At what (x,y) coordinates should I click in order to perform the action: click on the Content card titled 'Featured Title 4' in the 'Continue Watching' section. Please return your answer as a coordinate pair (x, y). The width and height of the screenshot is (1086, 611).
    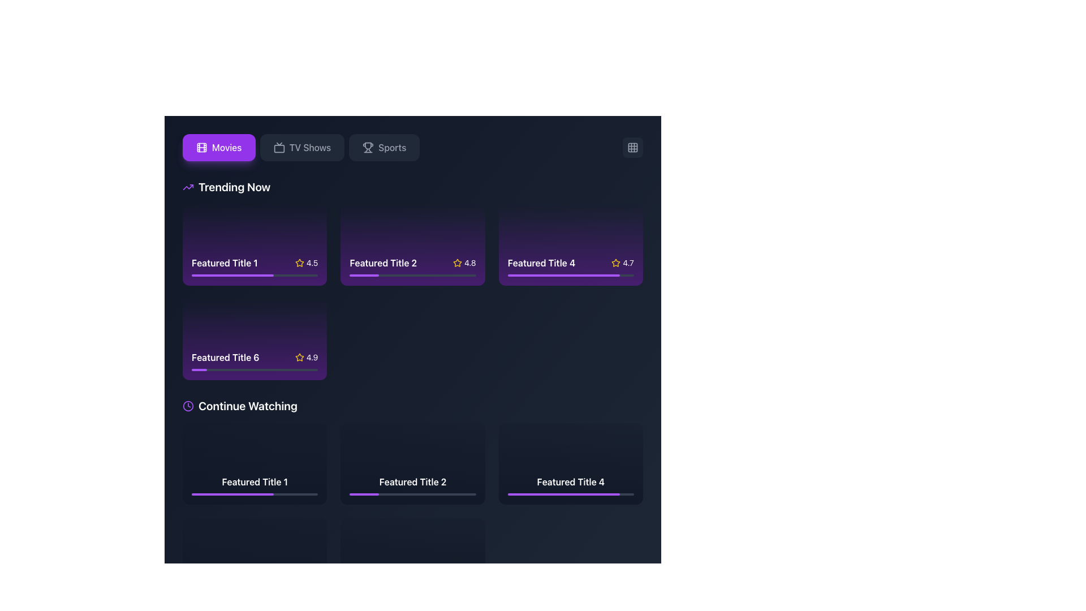
    Looking at the image, I should click on (571, 484).